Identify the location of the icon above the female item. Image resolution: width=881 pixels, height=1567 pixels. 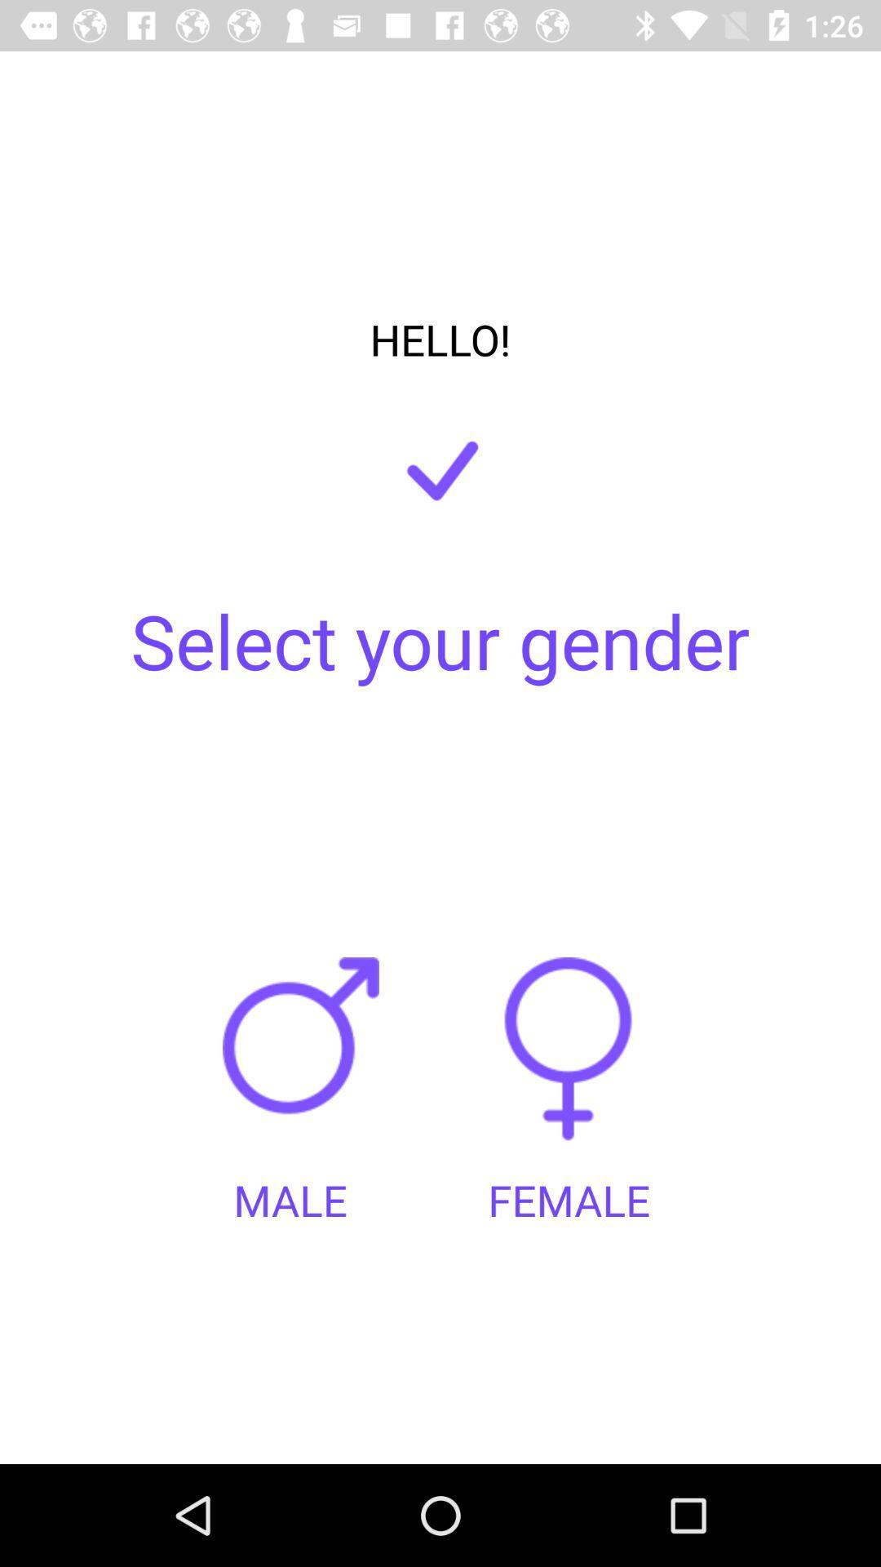
(568, 1064).